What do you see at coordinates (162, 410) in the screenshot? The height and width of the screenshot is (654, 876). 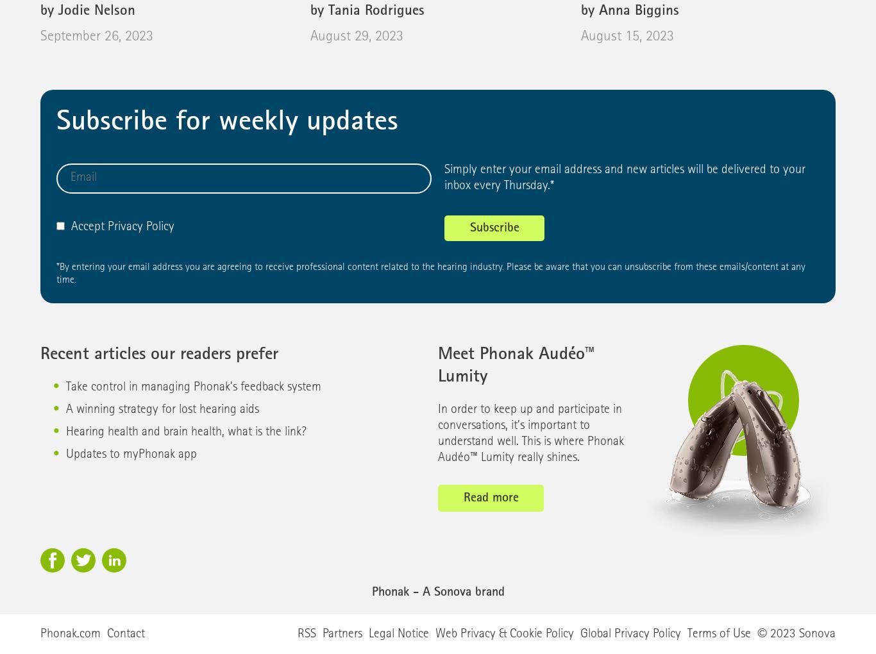 I see `'A winning strategy for lost hearing aids'` at bounding box center [162, 410].